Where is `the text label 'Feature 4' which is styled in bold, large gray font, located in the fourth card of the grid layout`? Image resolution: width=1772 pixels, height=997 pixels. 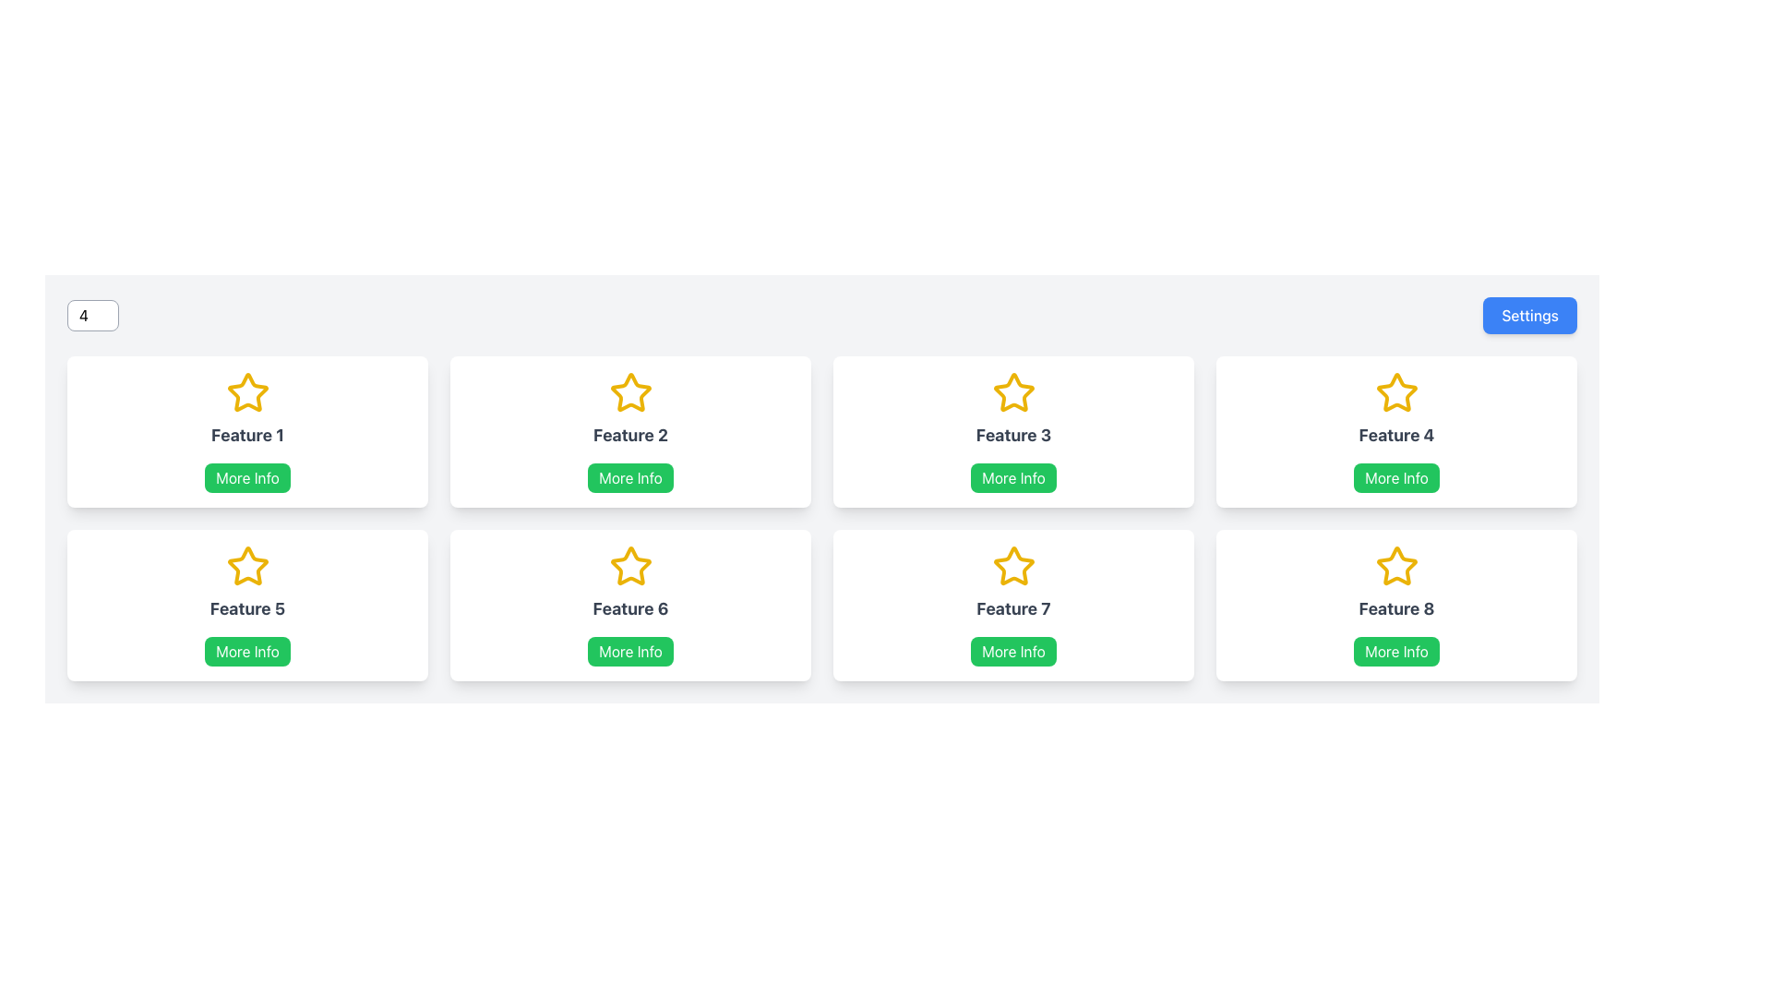 the text label 'Feature 4' which is styled in bold, large gray font, located in the fourth card of the grid layout is located at coordinates (1396, 435).